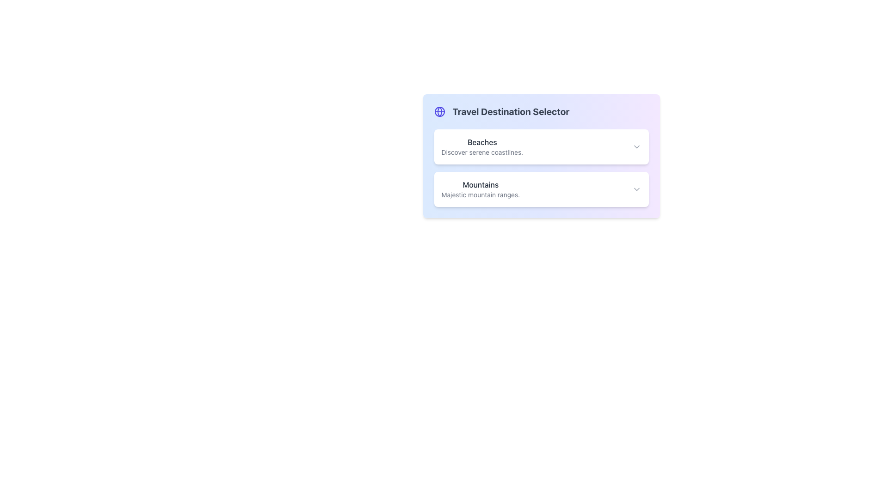 The width and height of the screenshot is (888, 499). I want to click on title 'Beaches' from the first text block within the first card of the 'Travel Destination Selector' group, which features a bold, dark-gray heading, so click(481, 146).